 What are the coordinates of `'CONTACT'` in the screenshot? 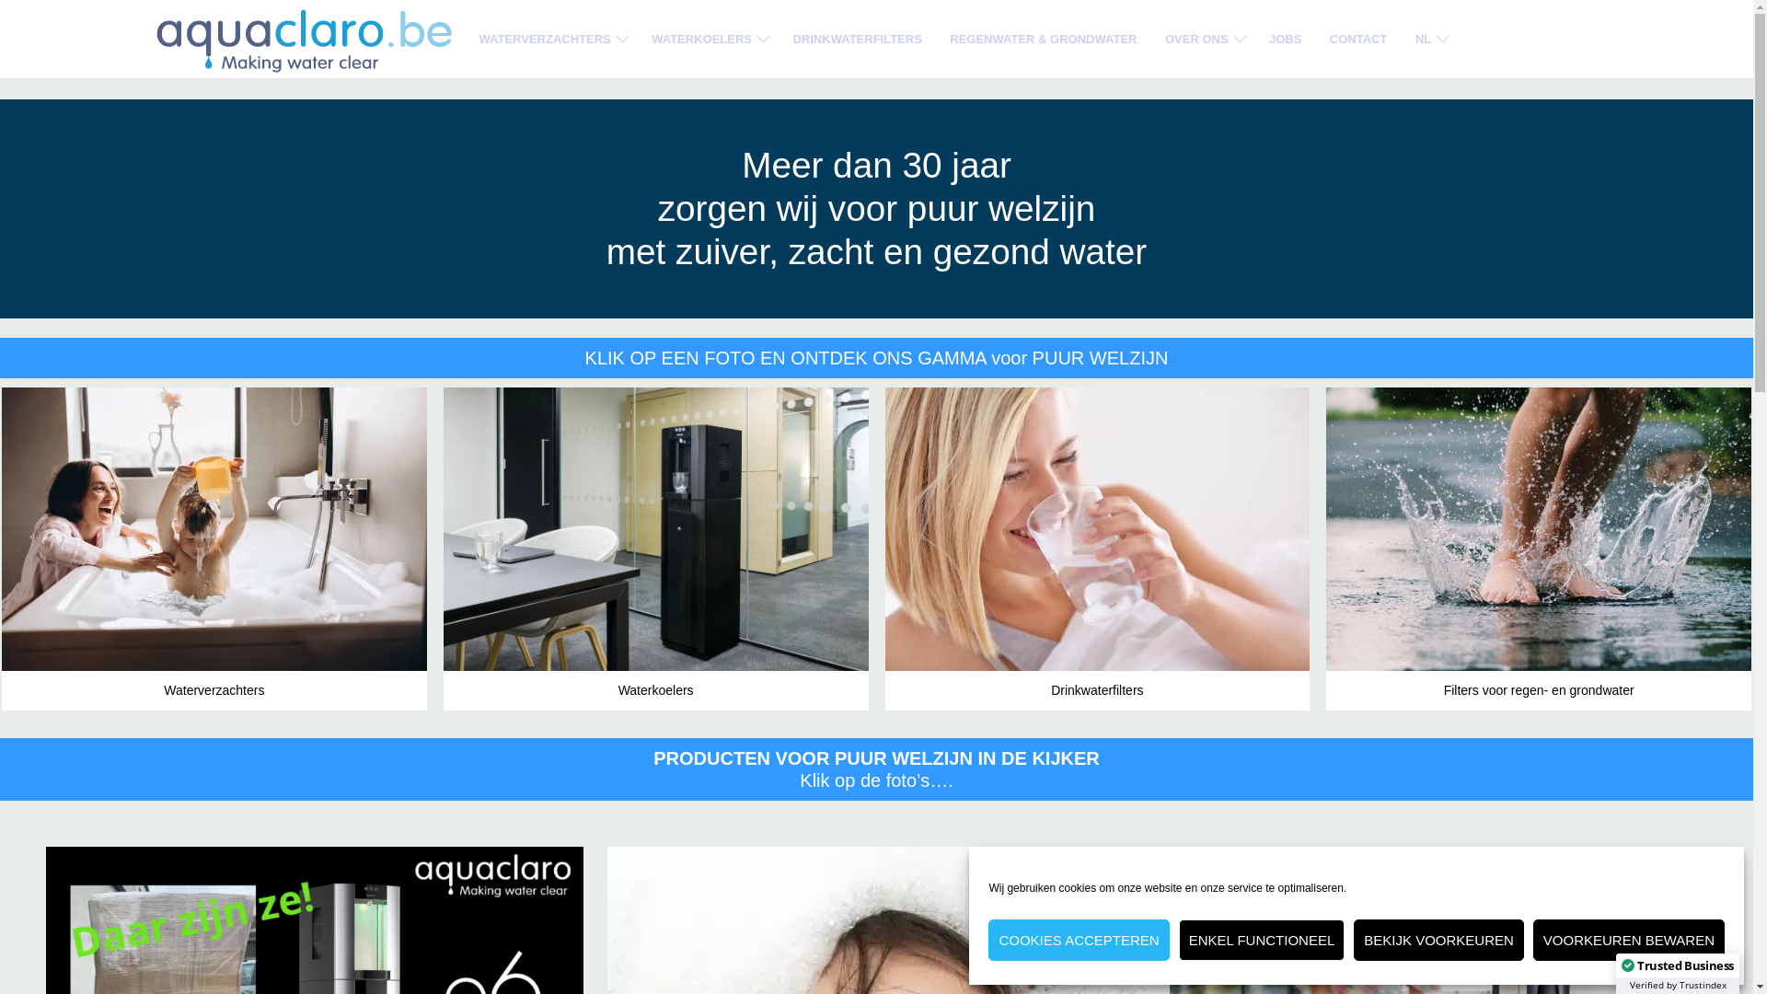 It's located at (1358, 39).